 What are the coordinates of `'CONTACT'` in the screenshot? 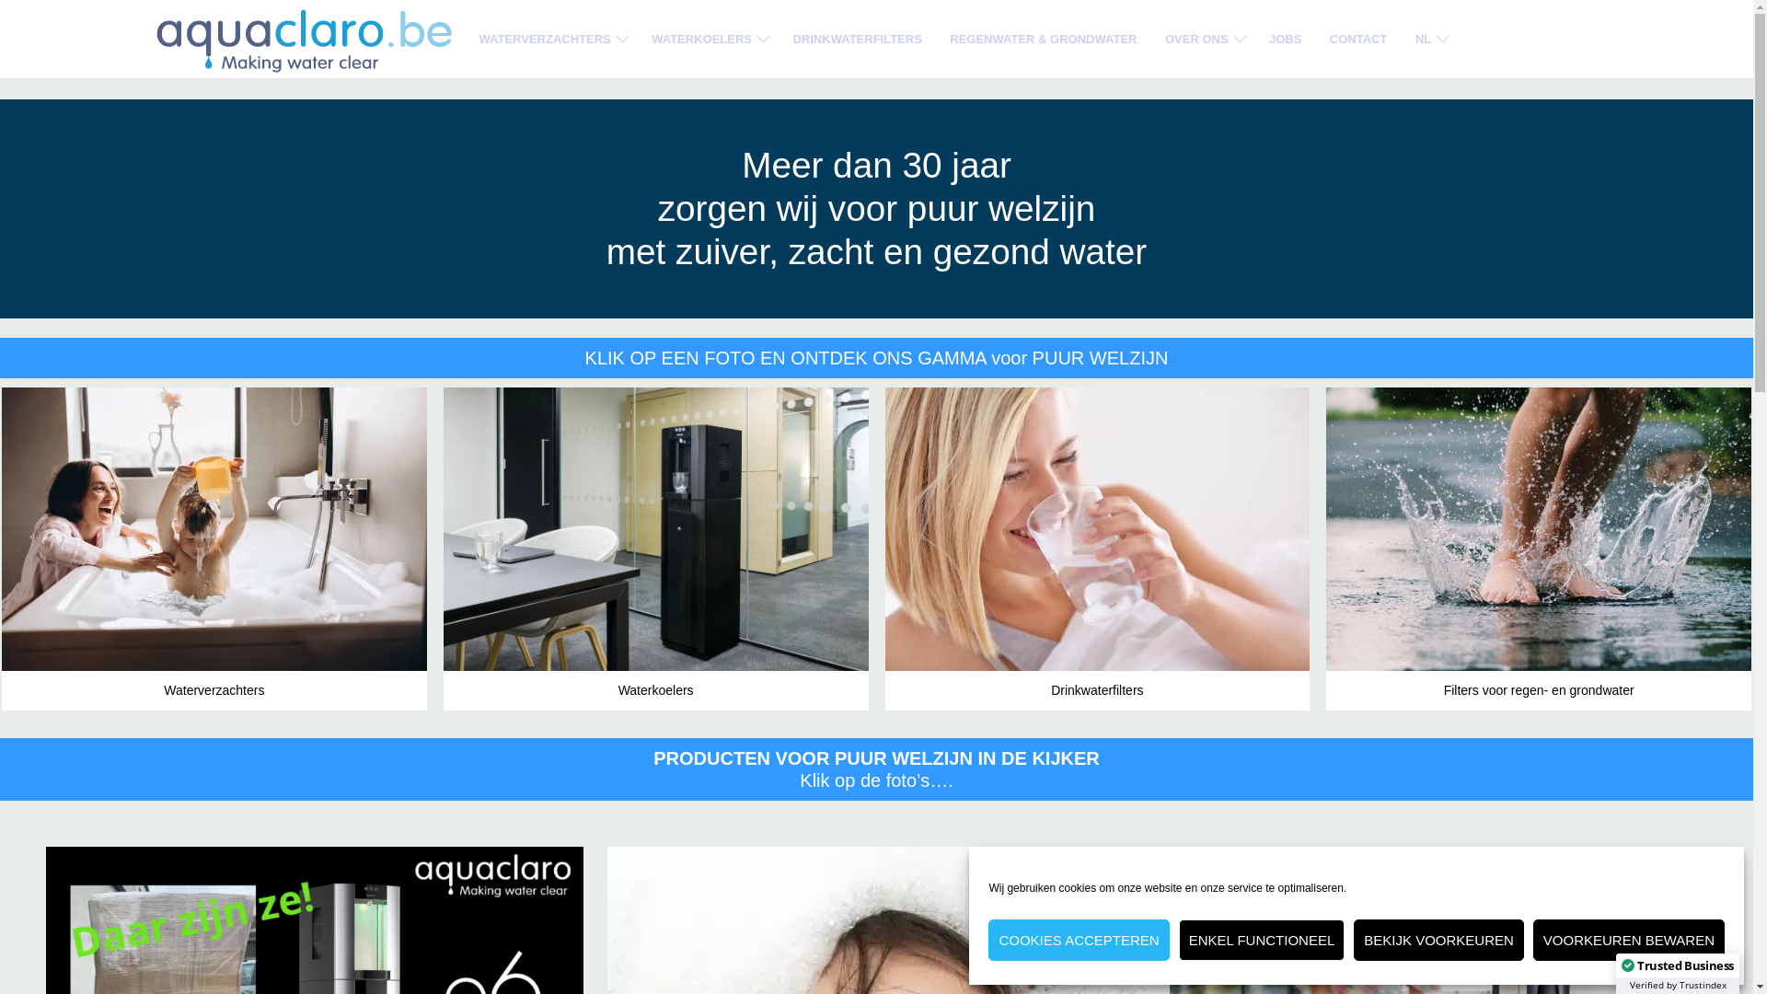 It's located at (1358, 39).